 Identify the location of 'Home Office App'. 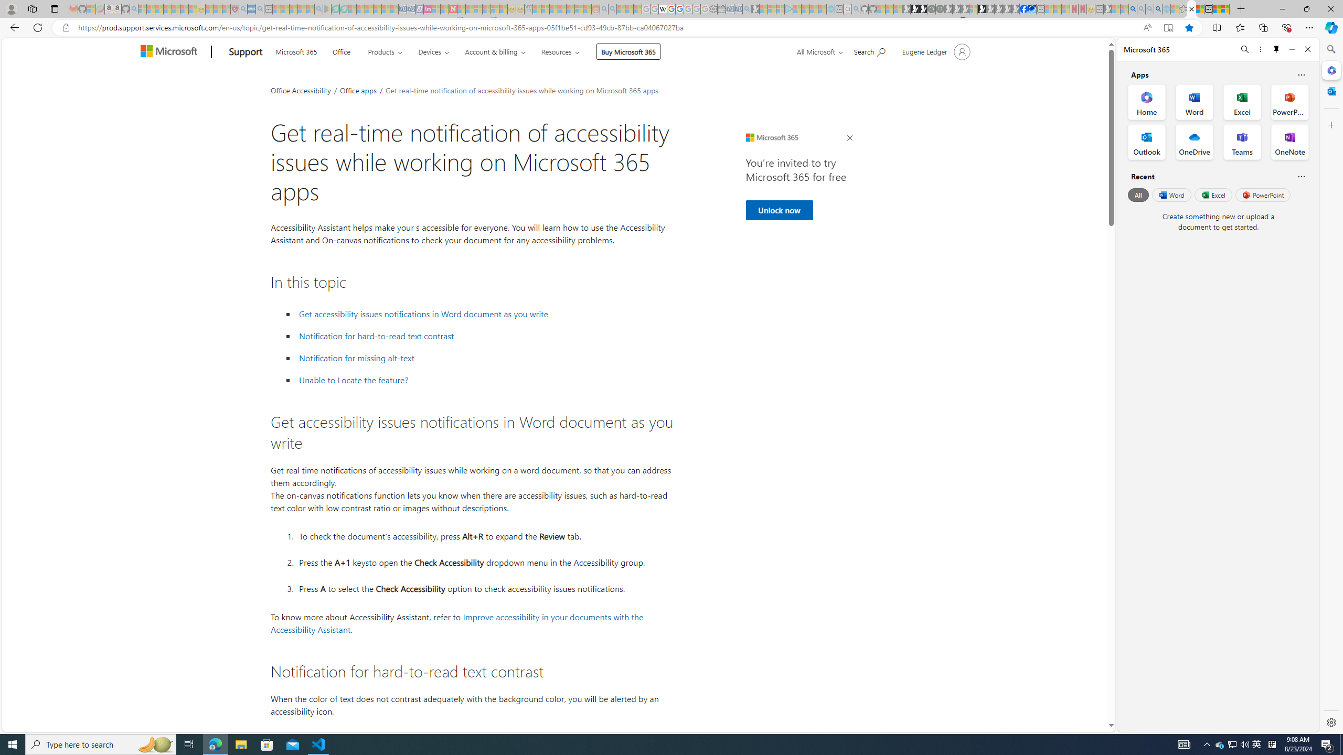
(1146, 102).